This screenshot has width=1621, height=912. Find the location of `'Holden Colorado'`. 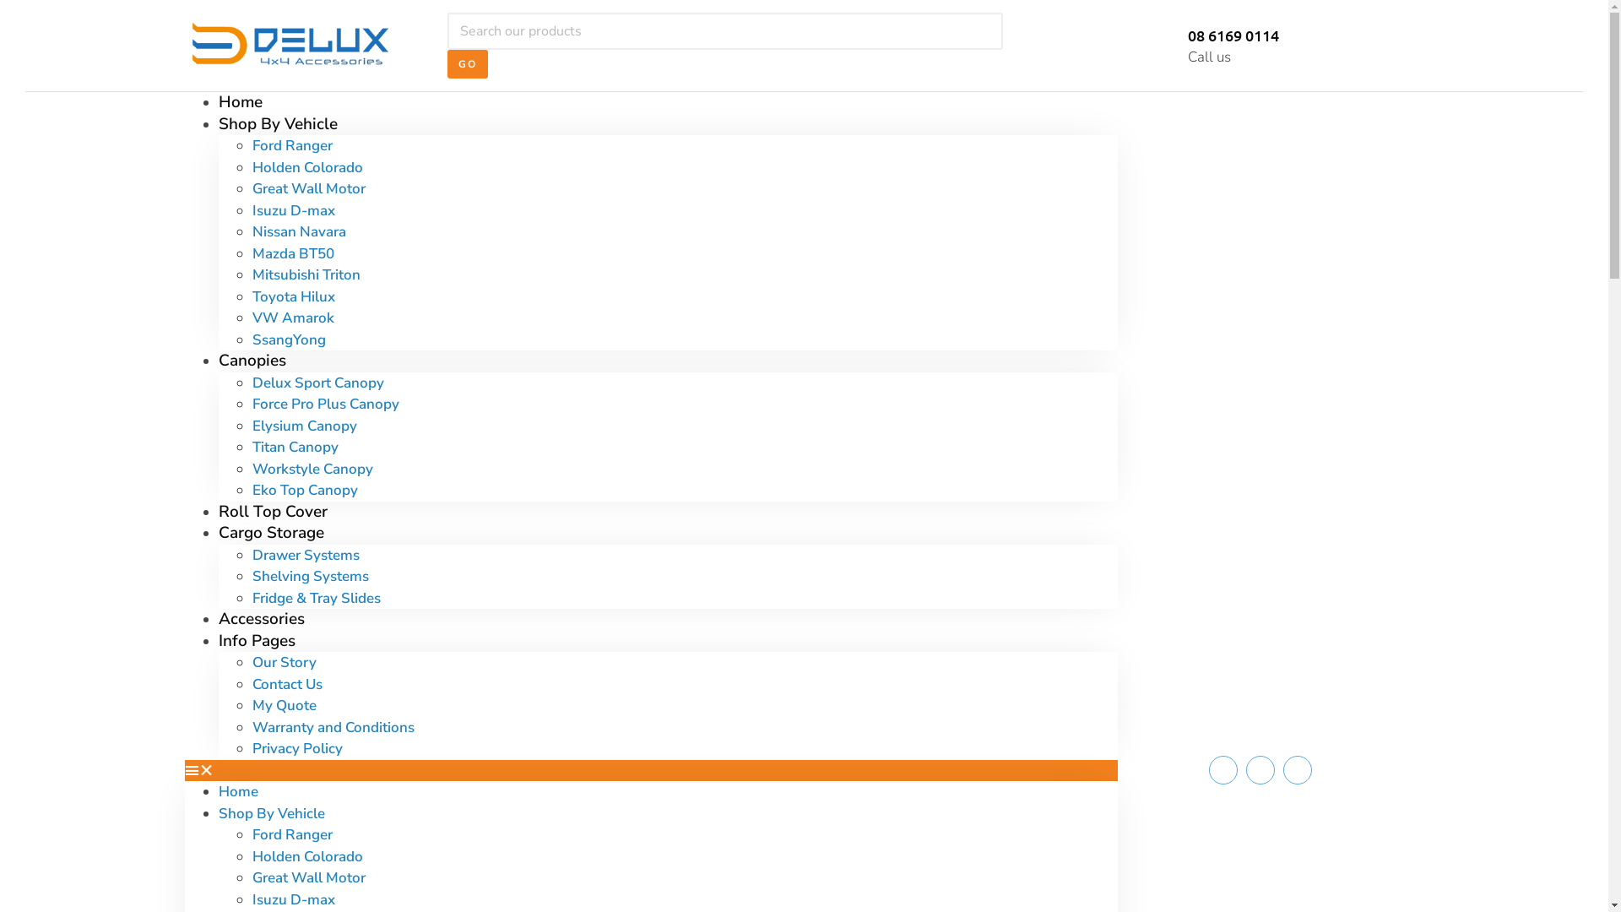

'Holden Colorado' is located at coordinates (250, 855).